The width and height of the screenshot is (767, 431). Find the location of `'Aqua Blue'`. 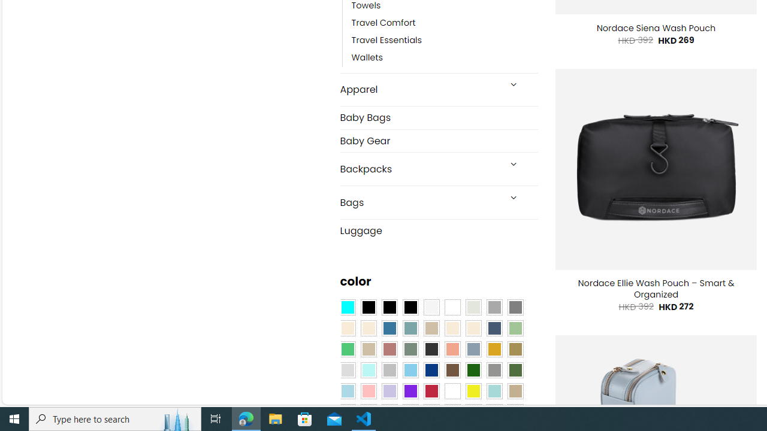

'Aqua Blue' is located at coordinates (346, 307).